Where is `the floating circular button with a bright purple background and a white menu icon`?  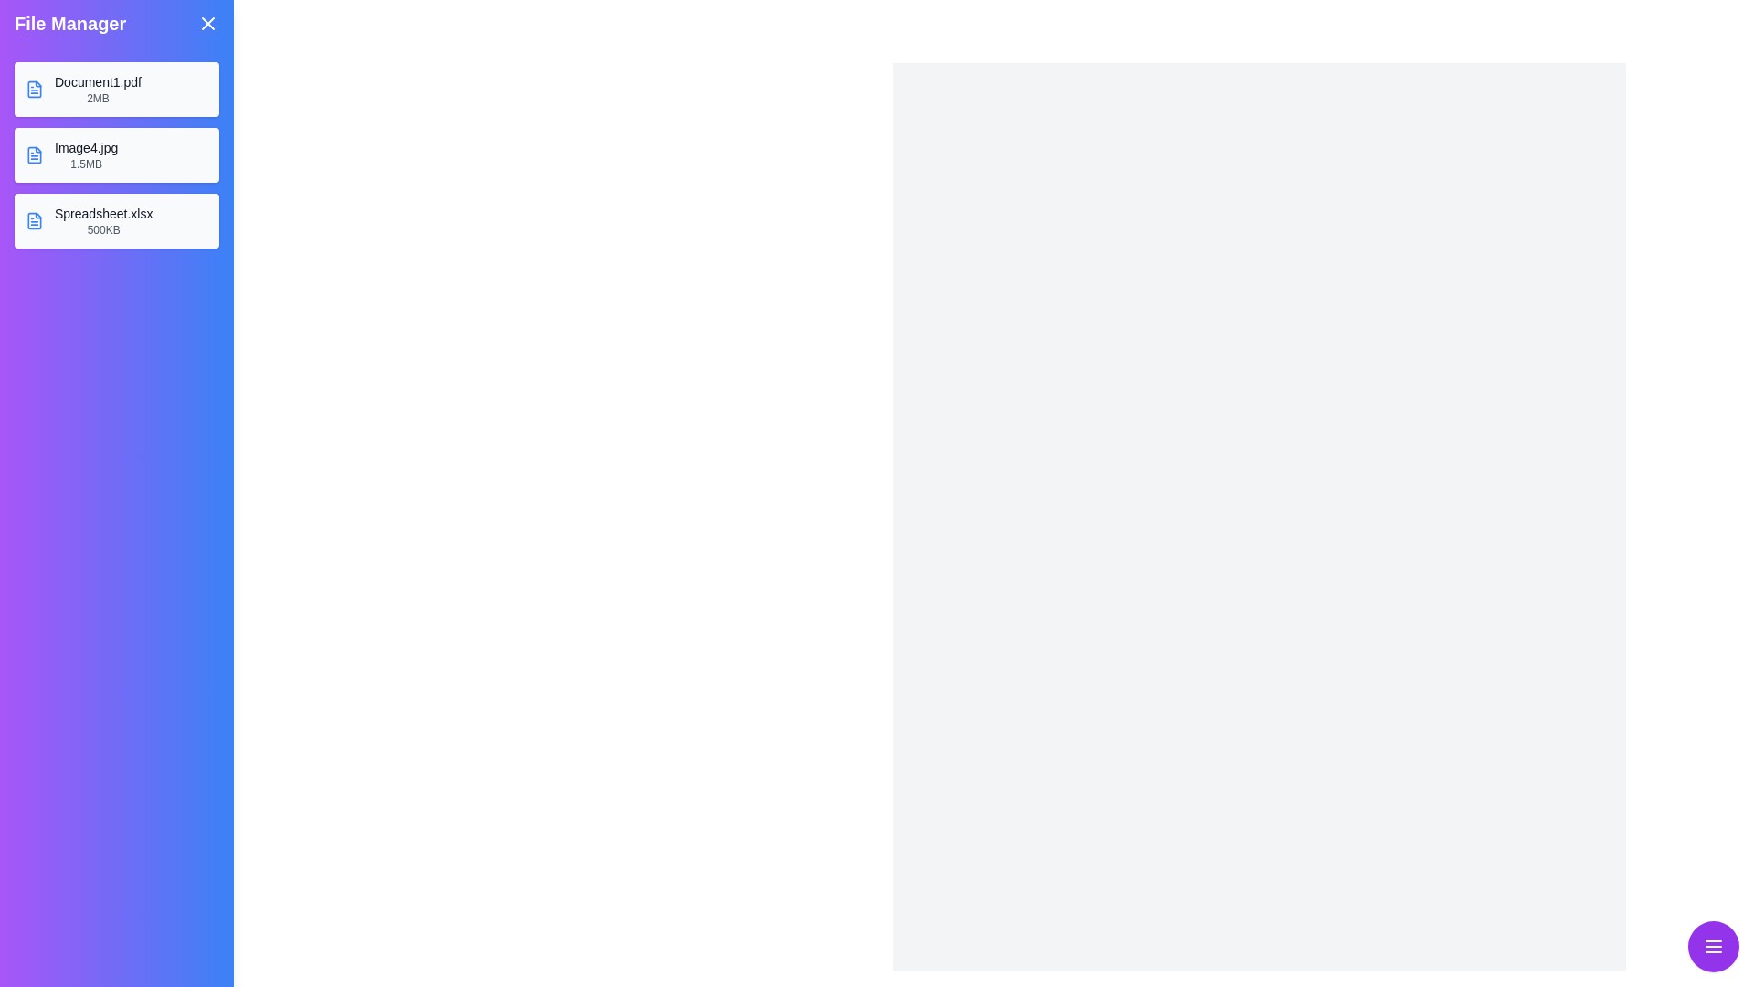
the floating circular button with a bright purple background and a white menu icon is located at coordinates (1713, 946).